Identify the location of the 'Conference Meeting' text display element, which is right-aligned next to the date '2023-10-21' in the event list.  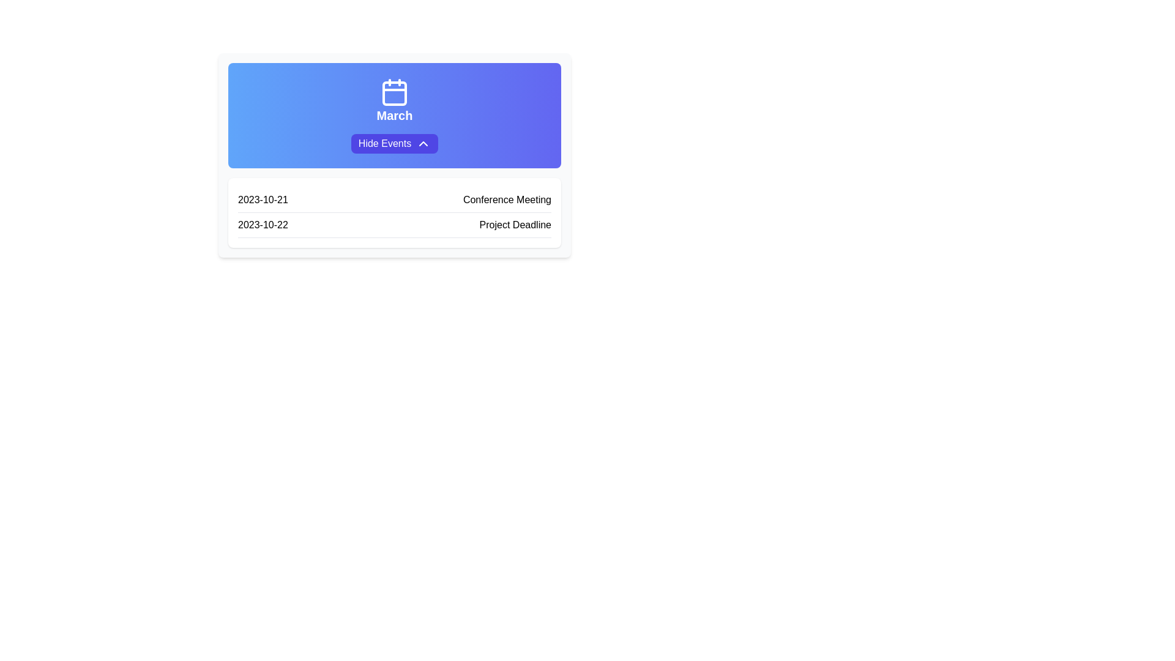
(507, 200).